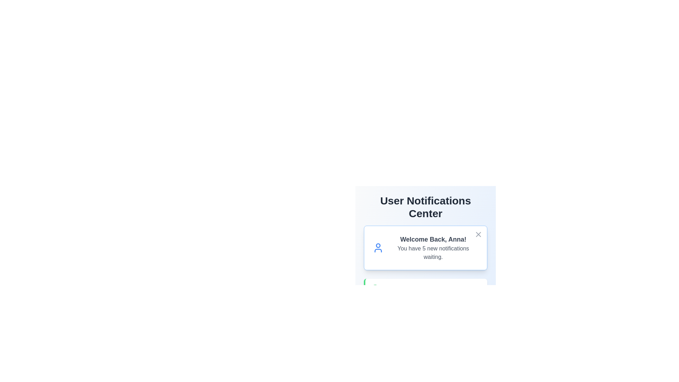 The width and height of the screenshot is (679, 382). Describe the element at coordinates (433, 239) in the screenshot. I see `the greeting message text label that personalizes the interface by displaying the user's name, located at the top of the notification card in the User Notifications Center` at that location.